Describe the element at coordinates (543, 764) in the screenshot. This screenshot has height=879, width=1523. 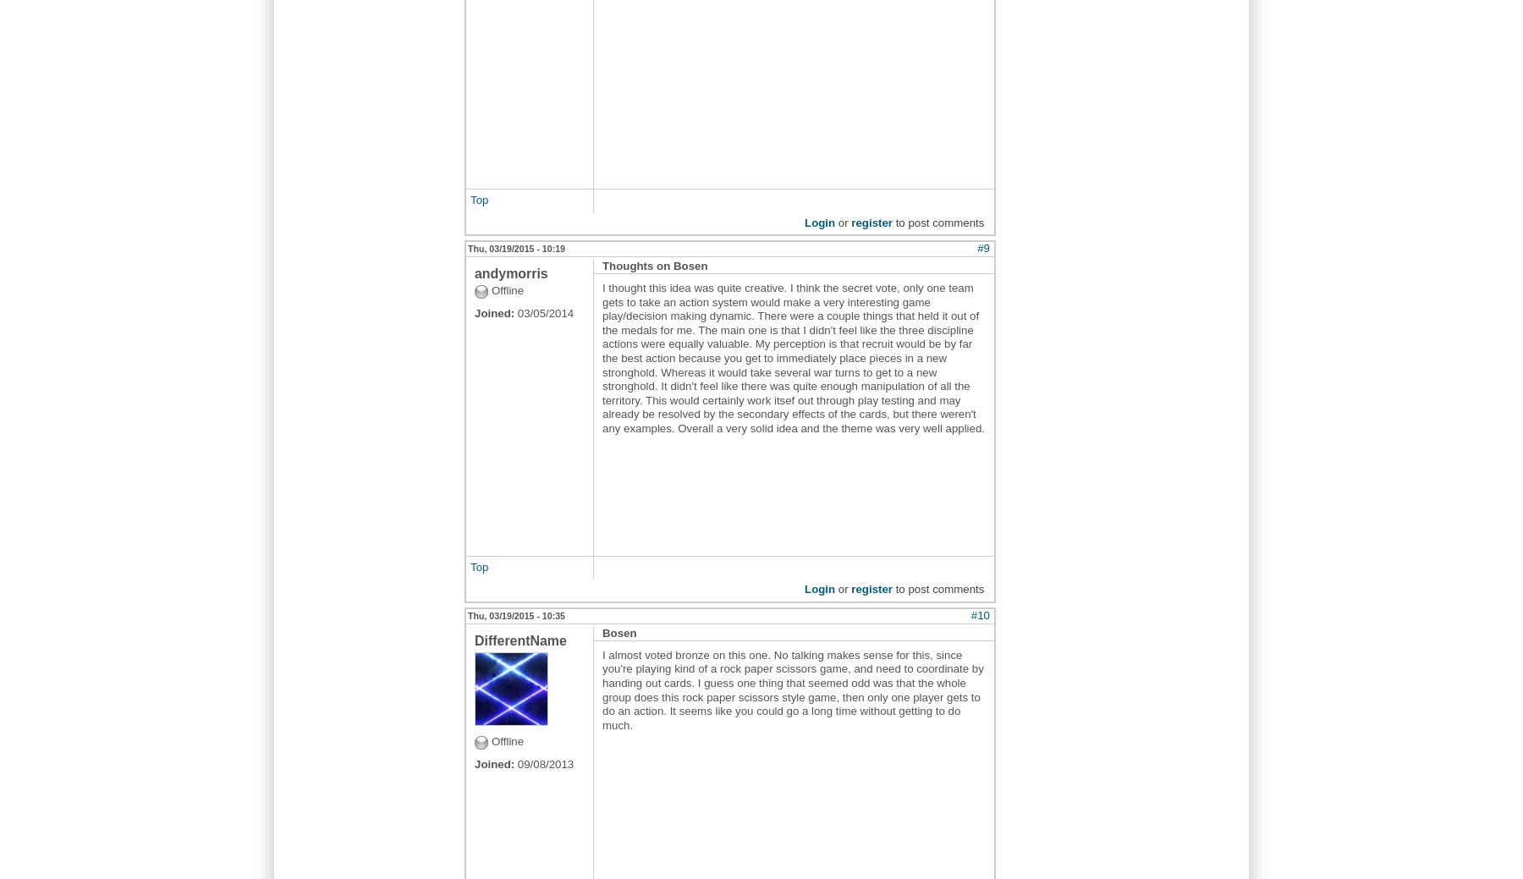
I see `'09/08/2013'` at that location.